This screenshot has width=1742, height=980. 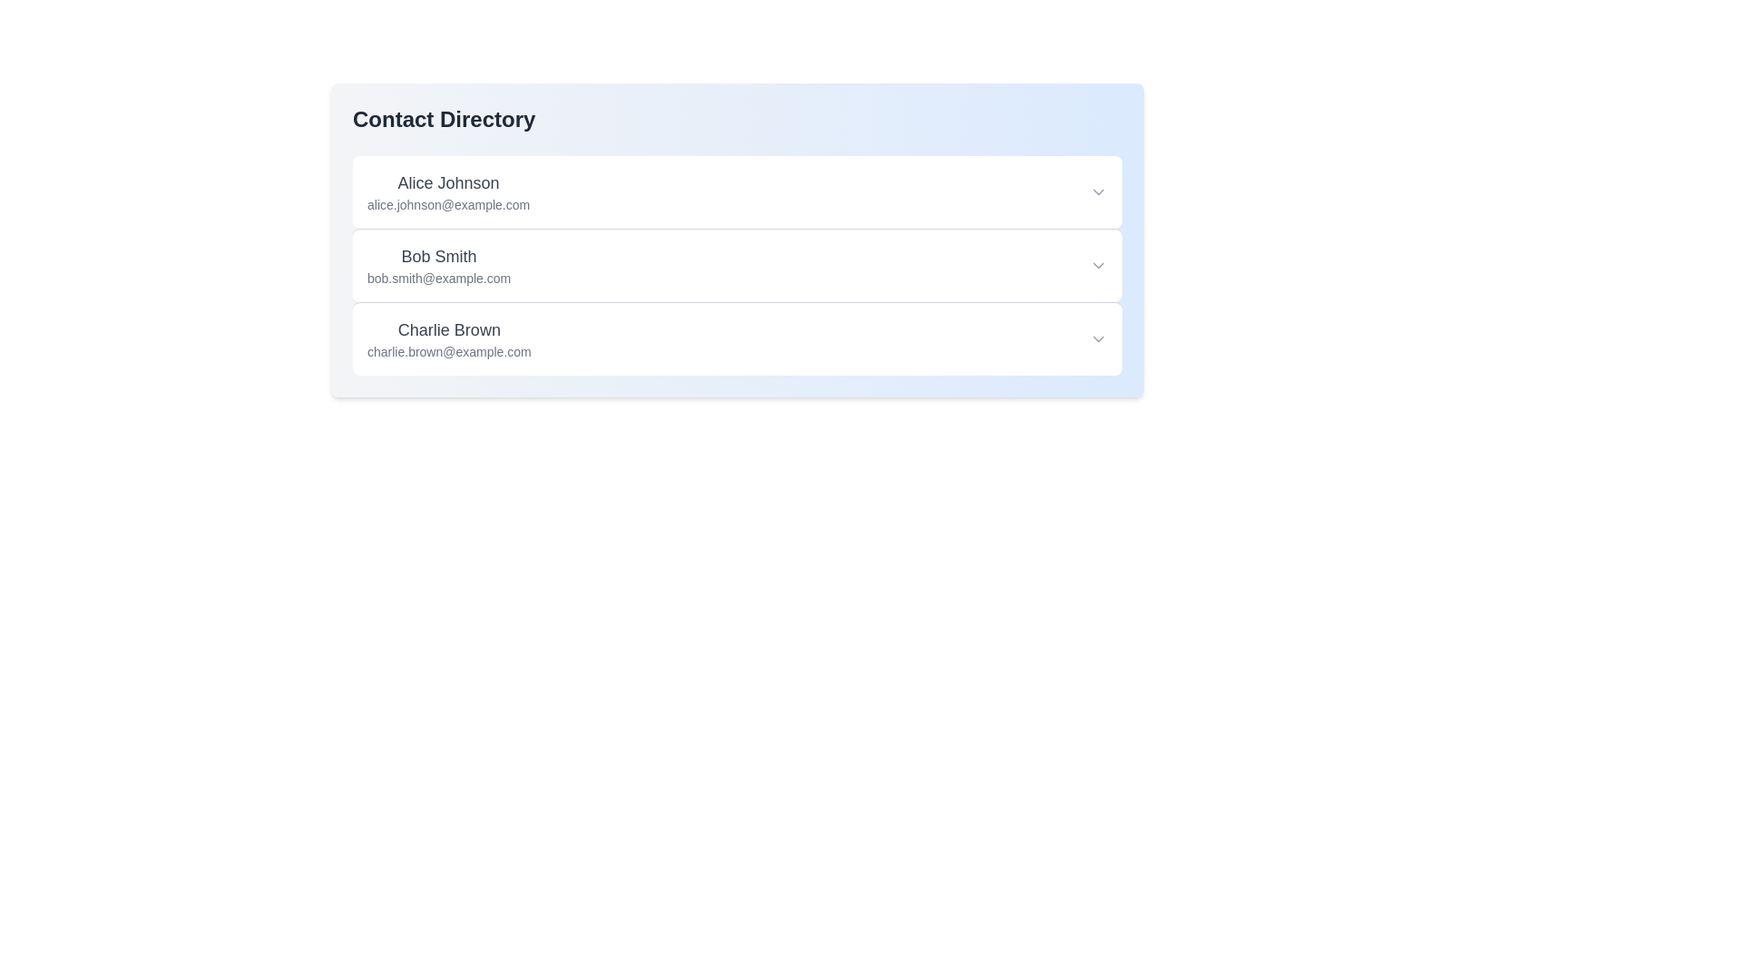 What do you see at coordinates (737, 265) in the screenshot?
I see `the contact card displaying the details for 'Bob Smith', which is the second entry in the list of contact cards` at bounding box center [737, 265].